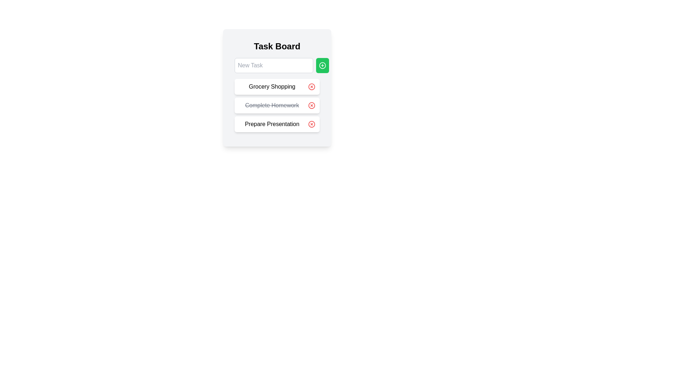 The image size is (692, 389). Describe the element at coordinates (311, 106) in the screenshot. I see `the circular red delete button located to the right of the 'Complete Homework' task in the Task Board interface` at that location.